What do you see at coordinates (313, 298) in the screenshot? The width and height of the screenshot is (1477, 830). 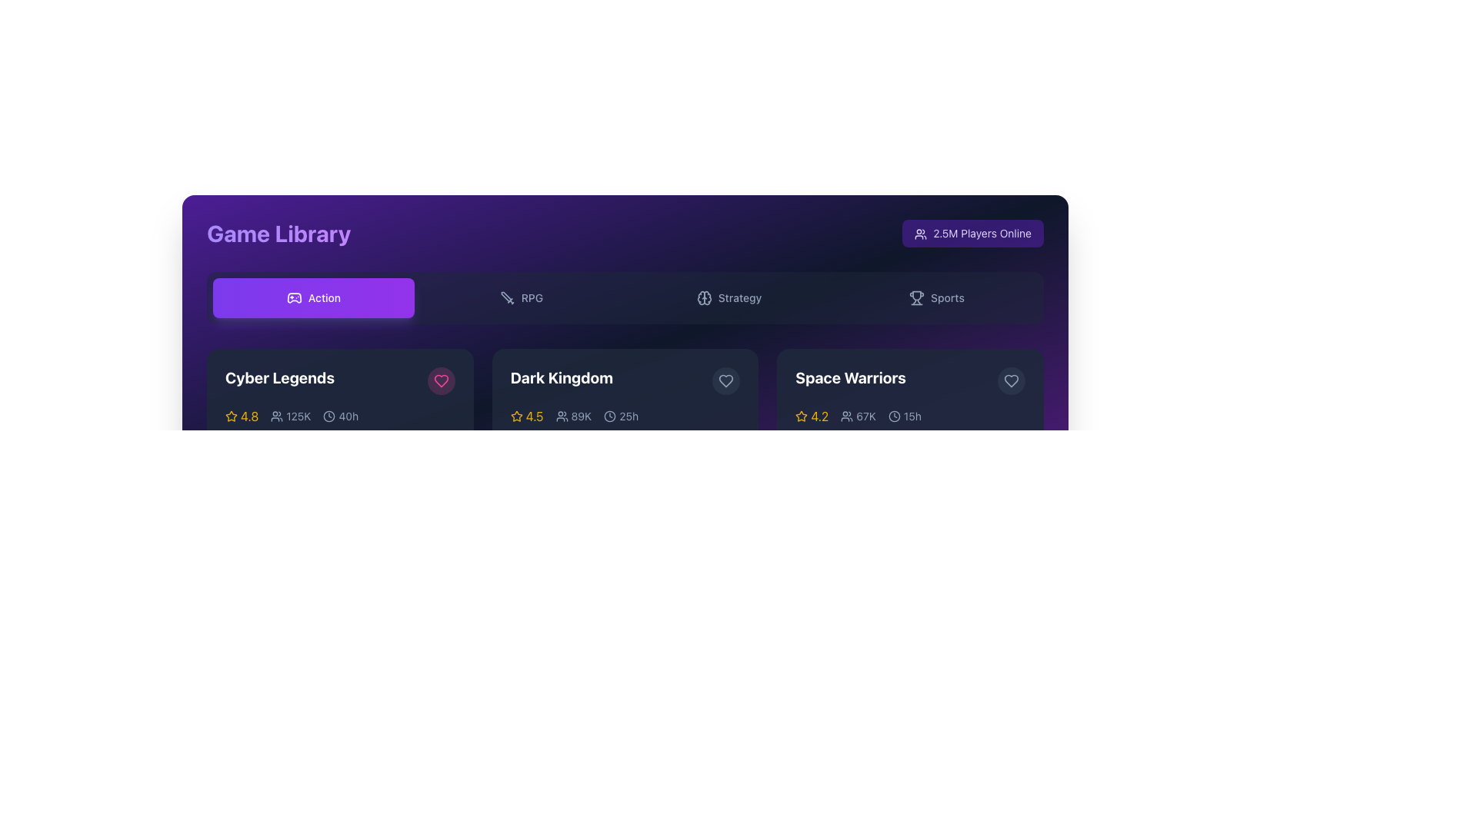 I see `the 'Action' button, the first button in a series of four buttons labeled 'Action', 'RPG', 'Strategy', and 'Sports', to navigate through keyboard input` at bounding box center [313, 298].